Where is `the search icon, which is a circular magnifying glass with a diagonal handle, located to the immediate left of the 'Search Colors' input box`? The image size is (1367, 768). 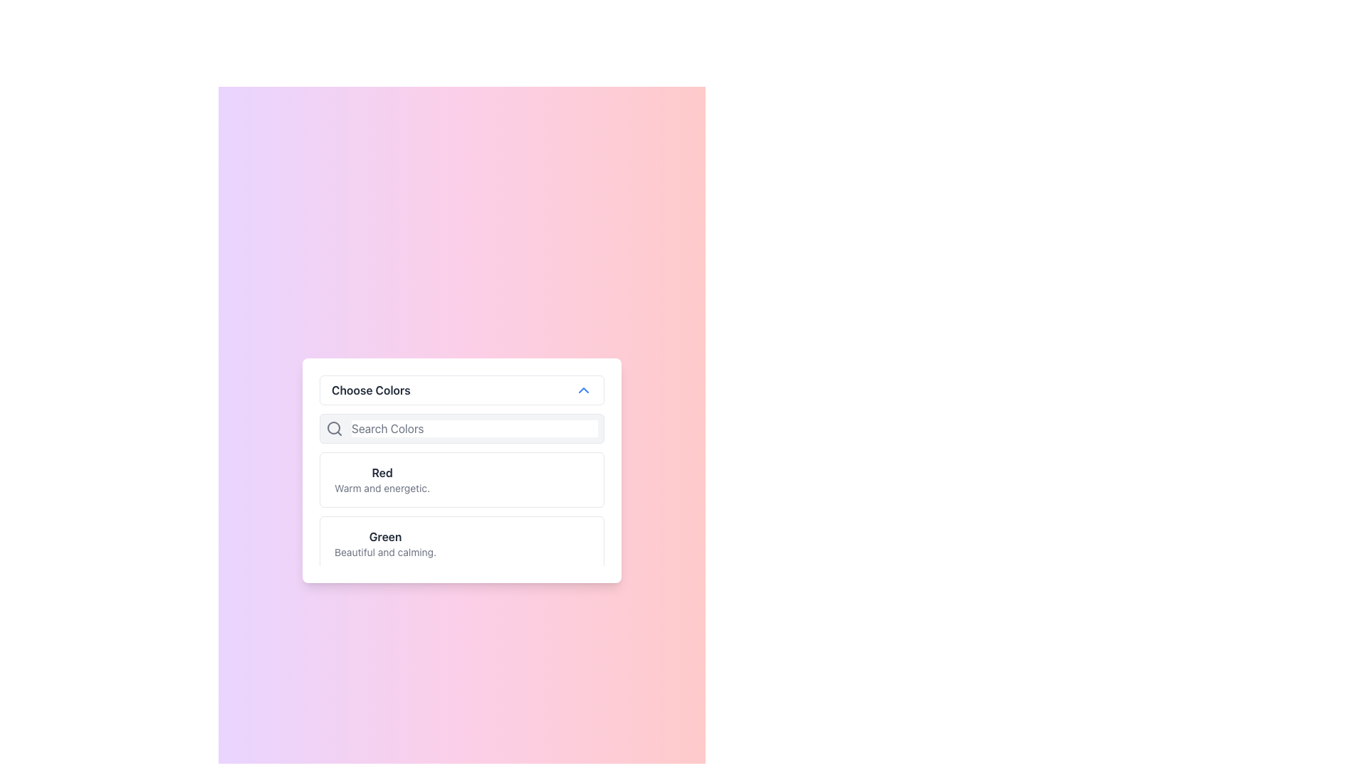 the search icon, which is a circular magnifying glass with a diagonal handle, located to the immediate left of the 'Search Colors' input box is located at coordinates (334, 427).